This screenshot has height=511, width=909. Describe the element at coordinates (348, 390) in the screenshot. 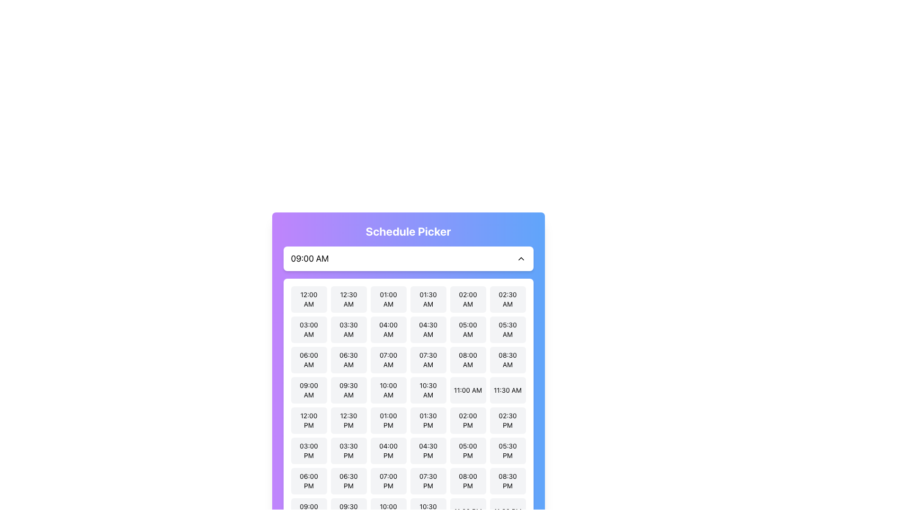

I see `the rounded rectangular button displaying '09:30 AM' on a light gray background, located in the fifth row and second column of a grid layout` at that location.